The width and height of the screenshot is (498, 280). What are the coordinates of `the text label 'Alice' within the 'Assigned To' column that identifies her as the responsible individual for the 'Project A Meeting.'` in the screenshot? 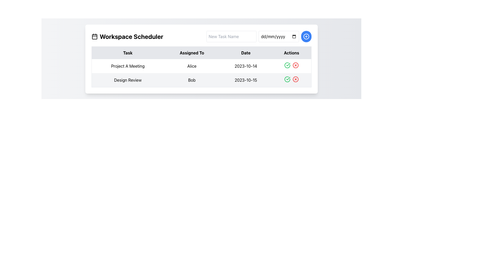 It's located at (191, 66).